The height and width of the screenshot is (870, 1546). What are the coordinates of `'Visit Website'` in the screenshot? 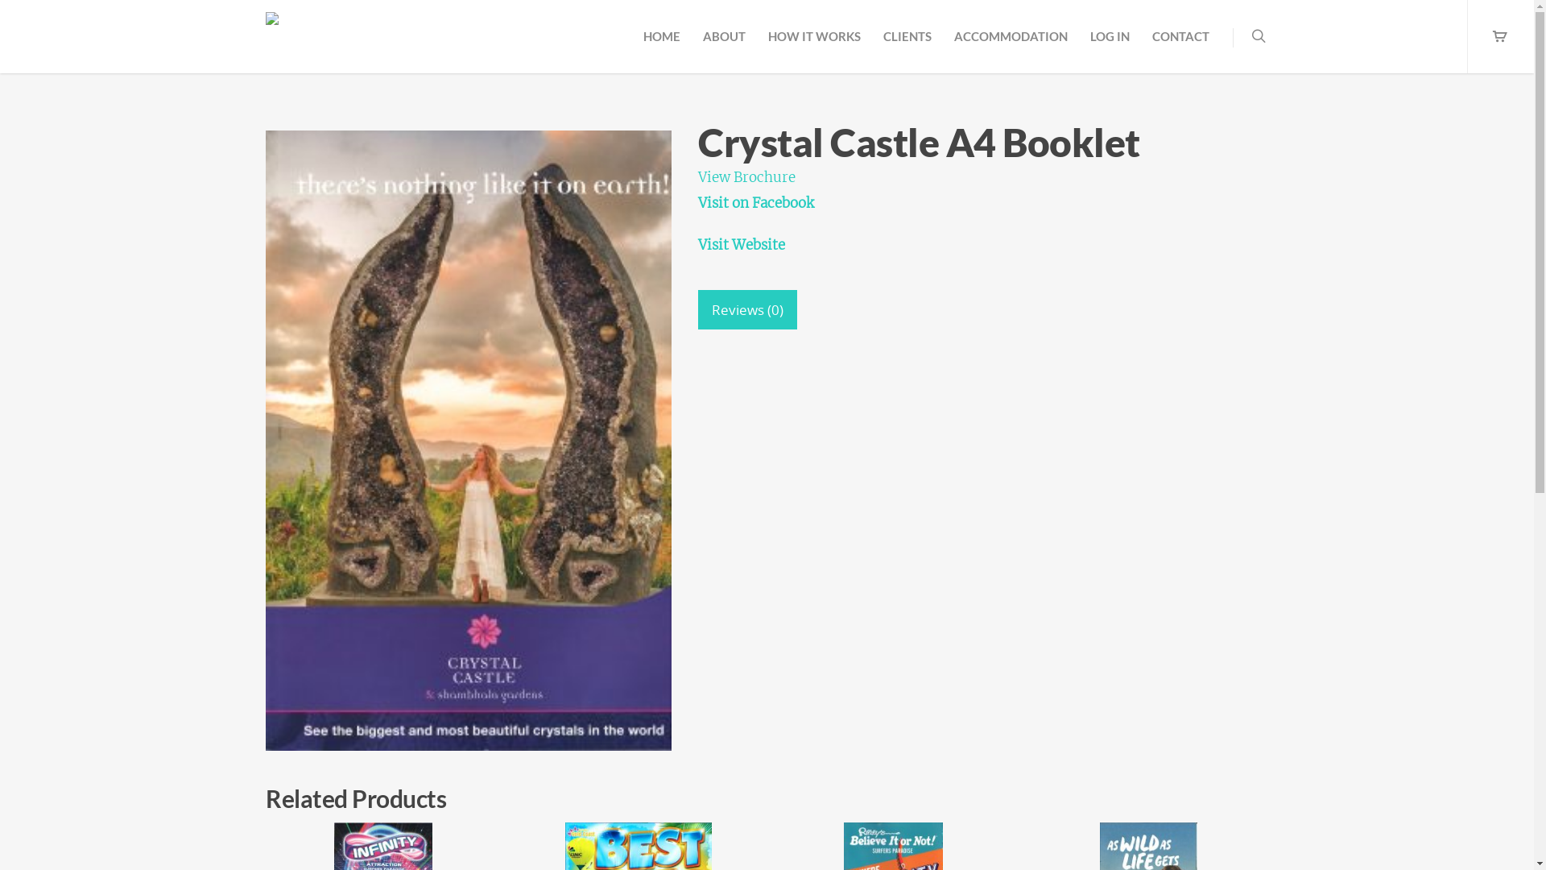 It's located at (741, 245).